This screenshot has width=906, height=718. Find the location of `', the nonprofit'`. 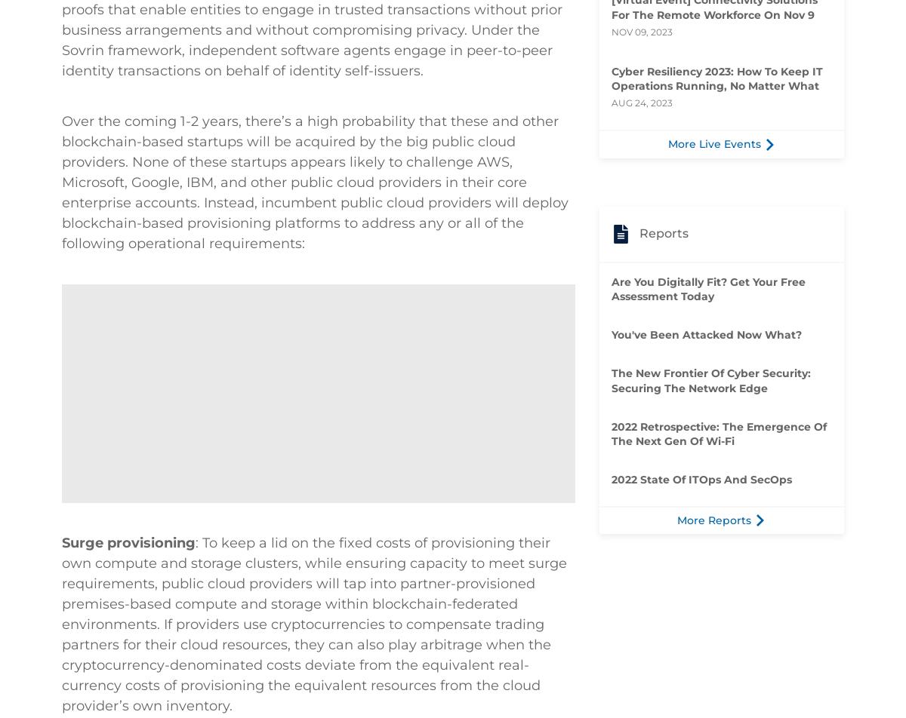

', the nonprofit' is located at coordinates (61, 152).